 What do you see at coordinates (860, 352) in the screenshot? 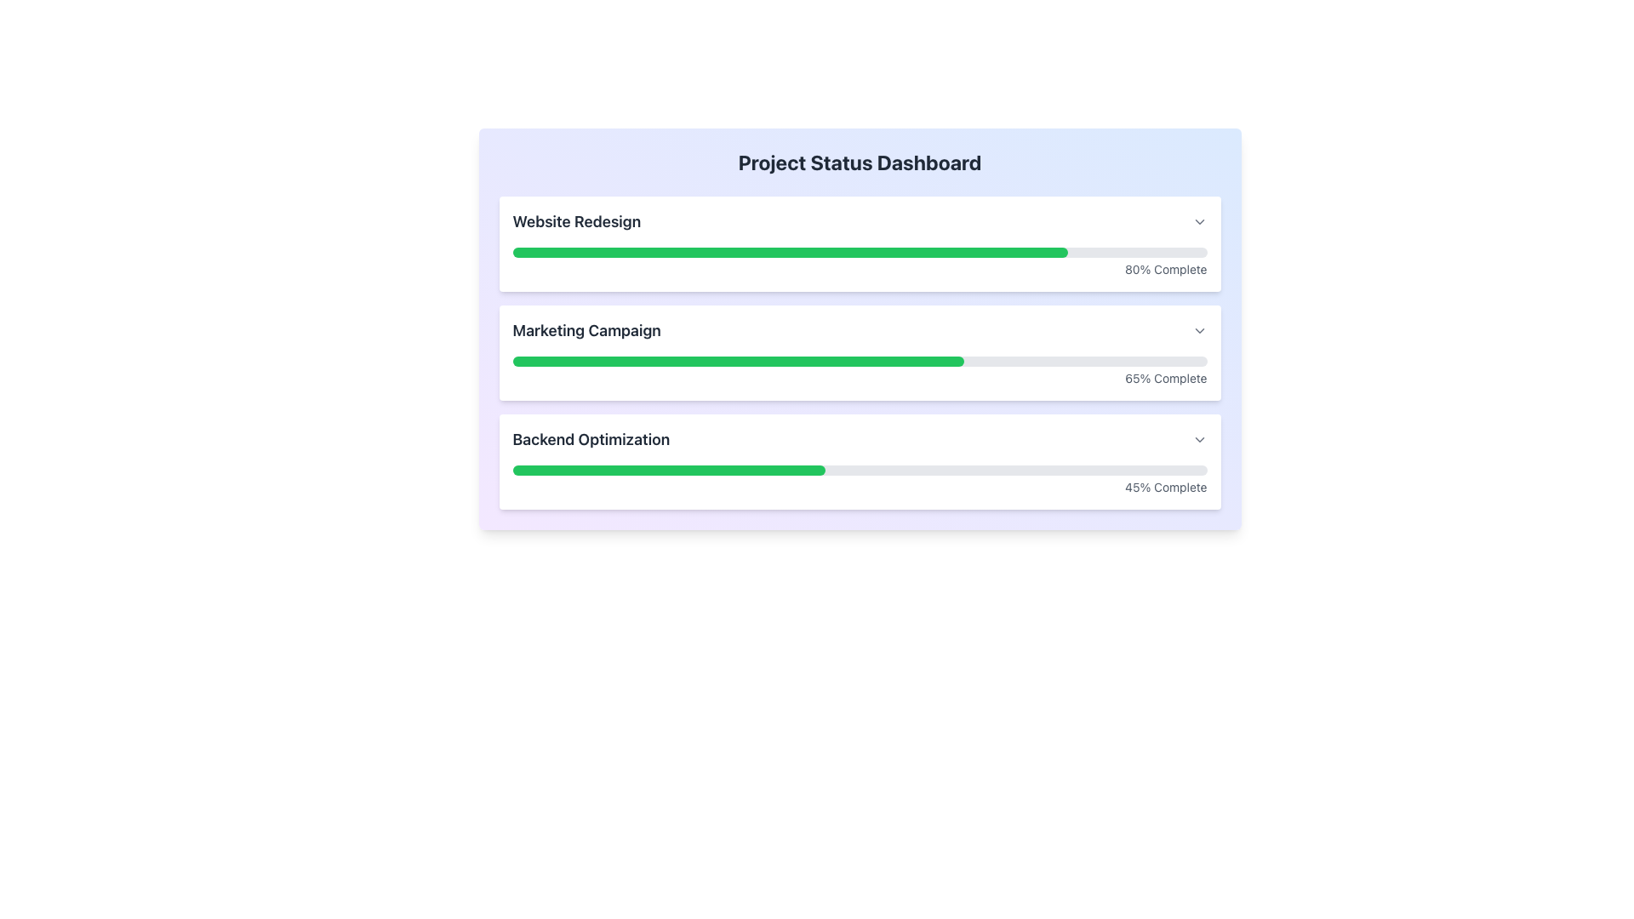
I see `progress details from the Grouped Component containing three vertically arranged blocks, each representing a project with a progress bar and percentage completion` at bounding box center [860, 352].